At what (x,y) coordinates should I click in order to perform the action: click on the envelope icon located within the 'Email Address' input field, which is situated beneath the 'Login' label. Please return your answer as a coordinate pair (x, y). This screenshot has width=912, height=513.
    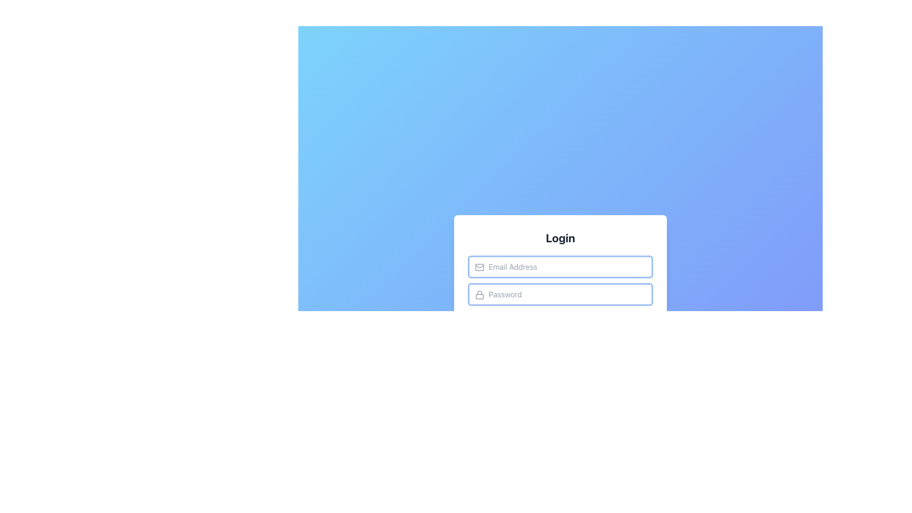
    Looking at the image, I should click on (479, 267).